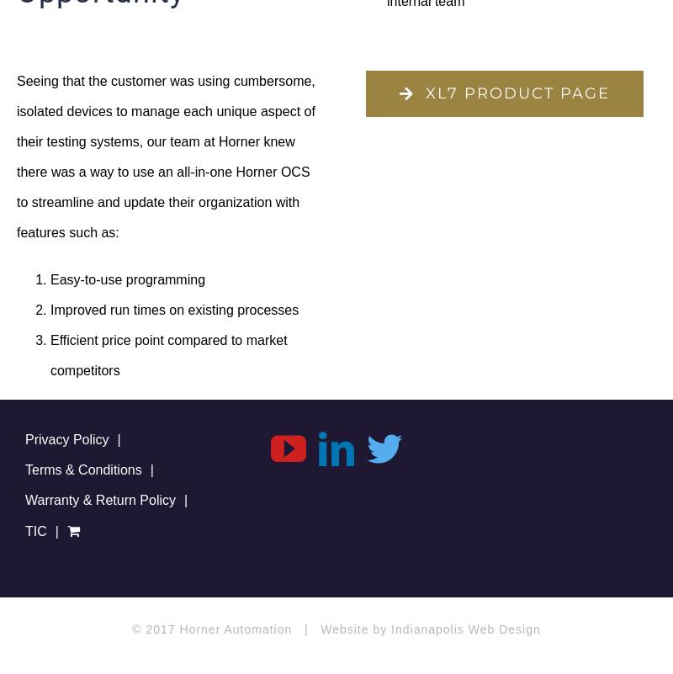 The height and width of the screenshot is (674, 673). Describe the element at coordinates (517, 92) in the screenshot. I see `'XL7 PRODUCT PAGE'` at that location.